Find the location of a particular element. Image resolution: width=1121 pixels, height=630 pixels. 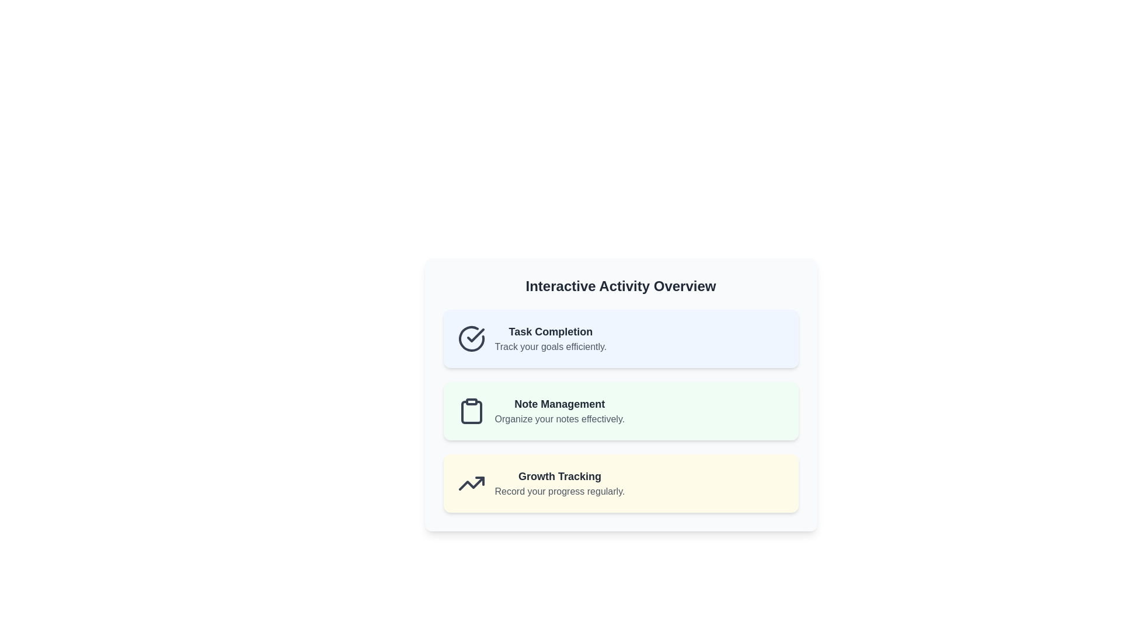

the Text block that describes the card's focus area related to tracking and completing tasks, located within the topmost card of the 'Interactive Activity Overview' section is located at coordinates (550, 339).